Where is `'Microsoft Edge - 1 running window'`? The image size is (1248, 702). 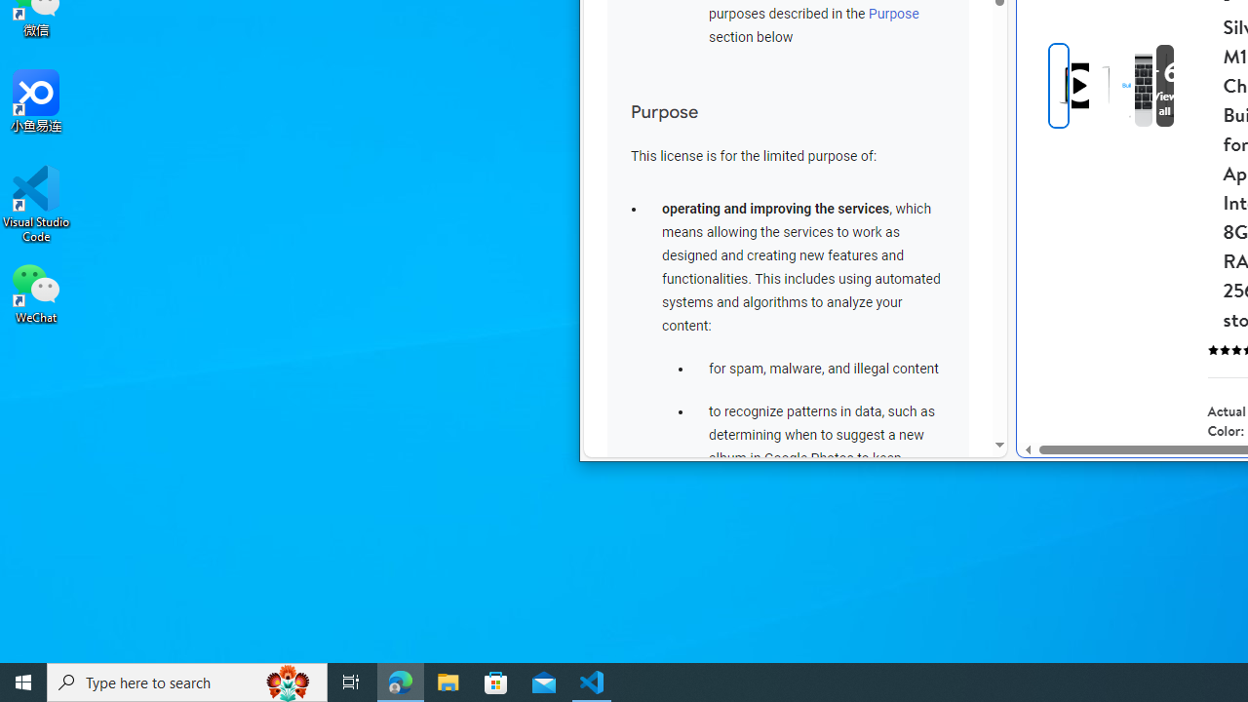 'Microsoft Edge - 1 running window' is located at coordinates (400, 681).